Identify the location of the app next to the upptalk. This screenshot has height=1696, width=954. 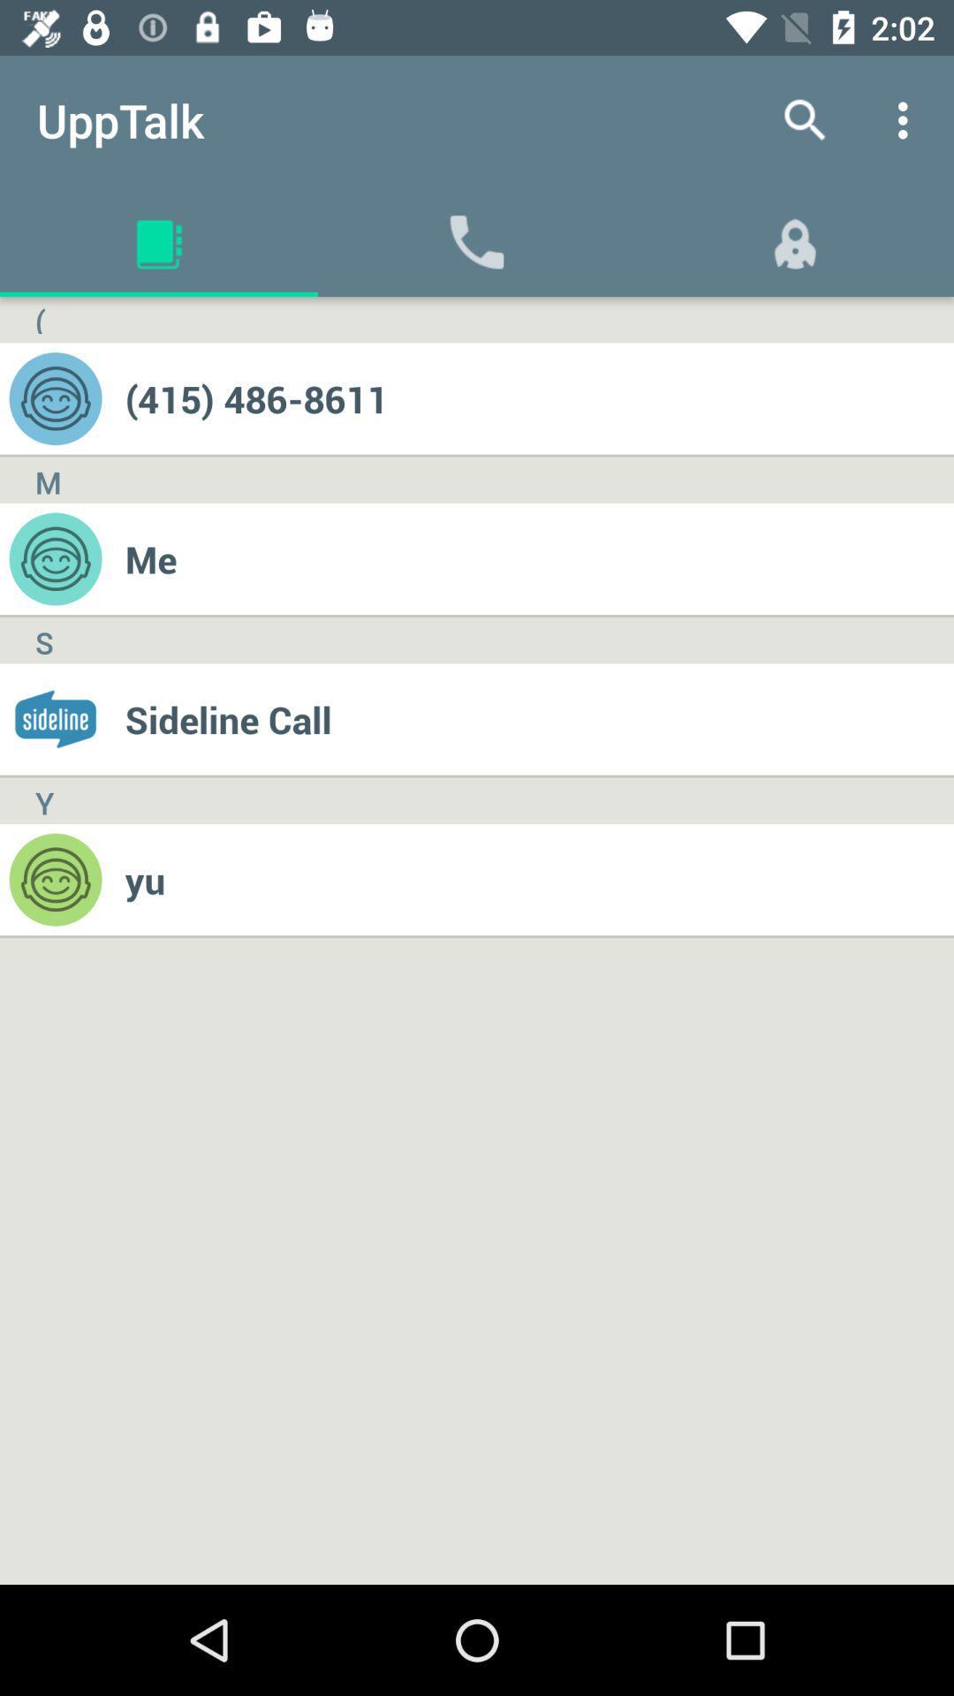
(805, 119).